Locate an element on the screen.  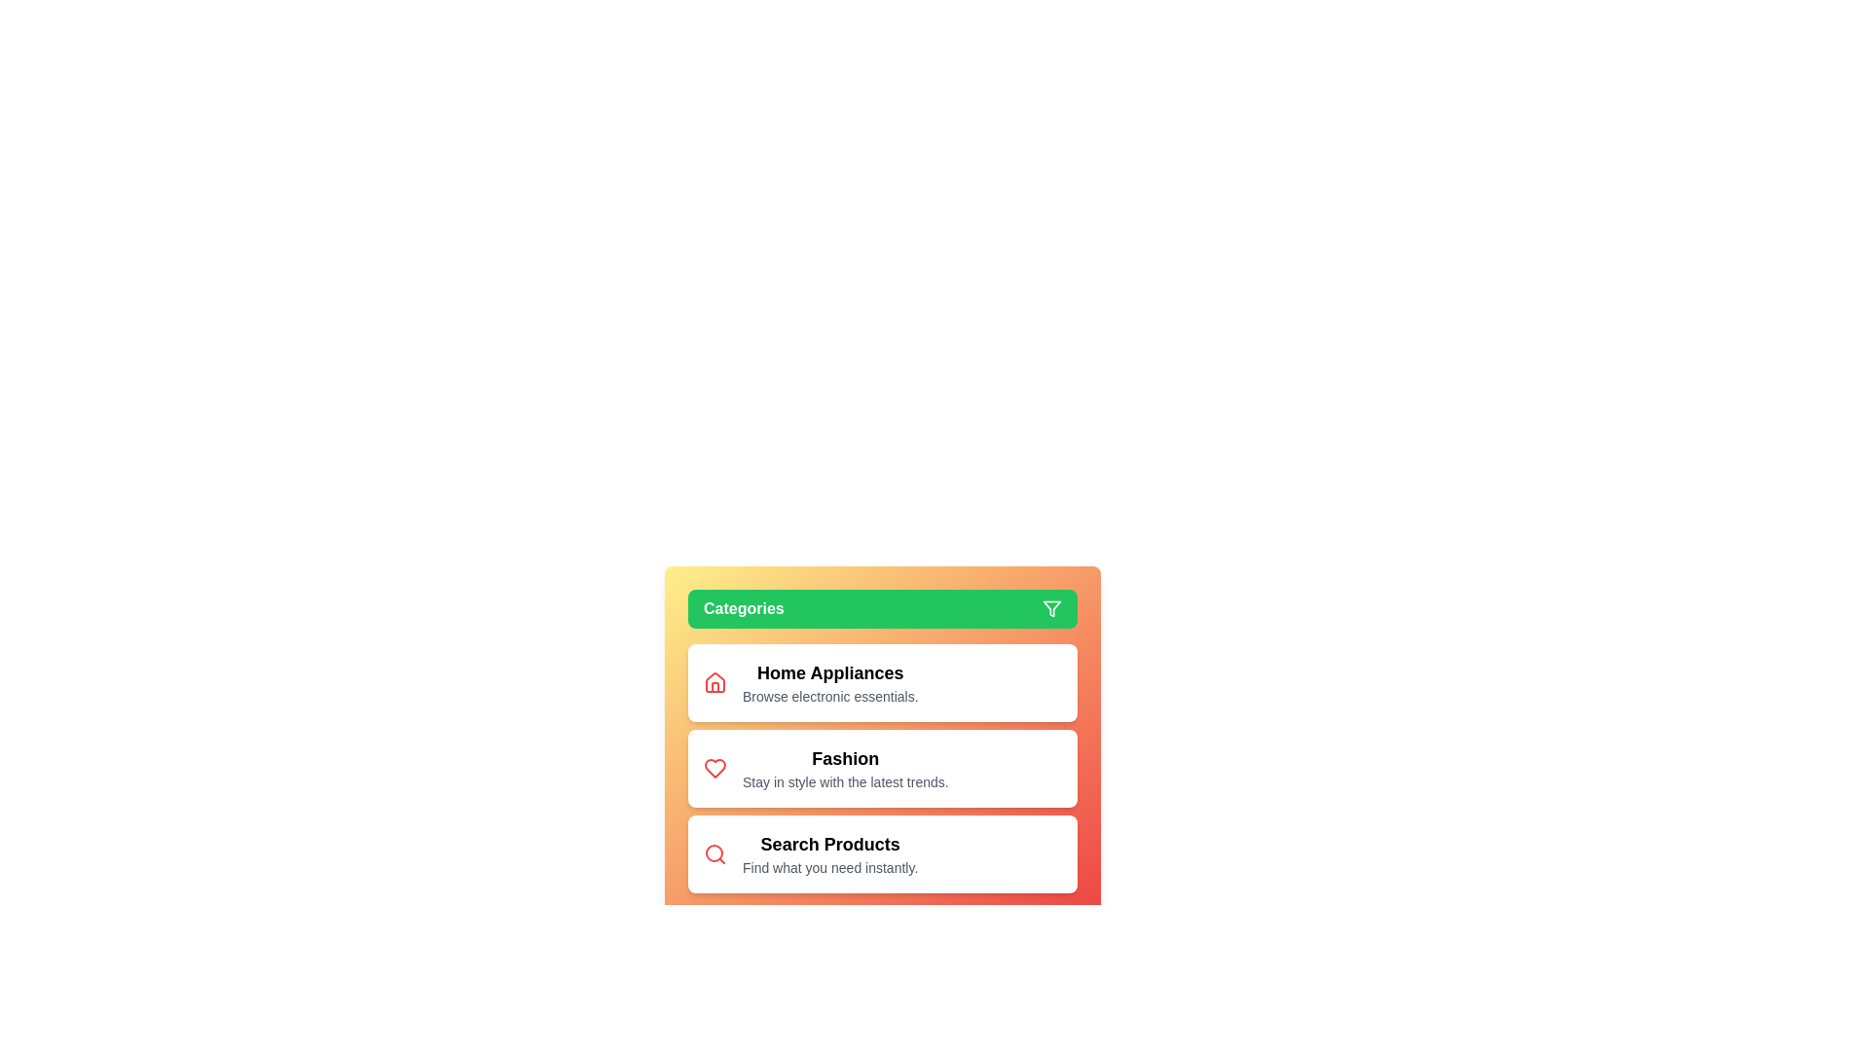
the category item Home Appliances to view its hover effect is located at coordinates (830, 682).